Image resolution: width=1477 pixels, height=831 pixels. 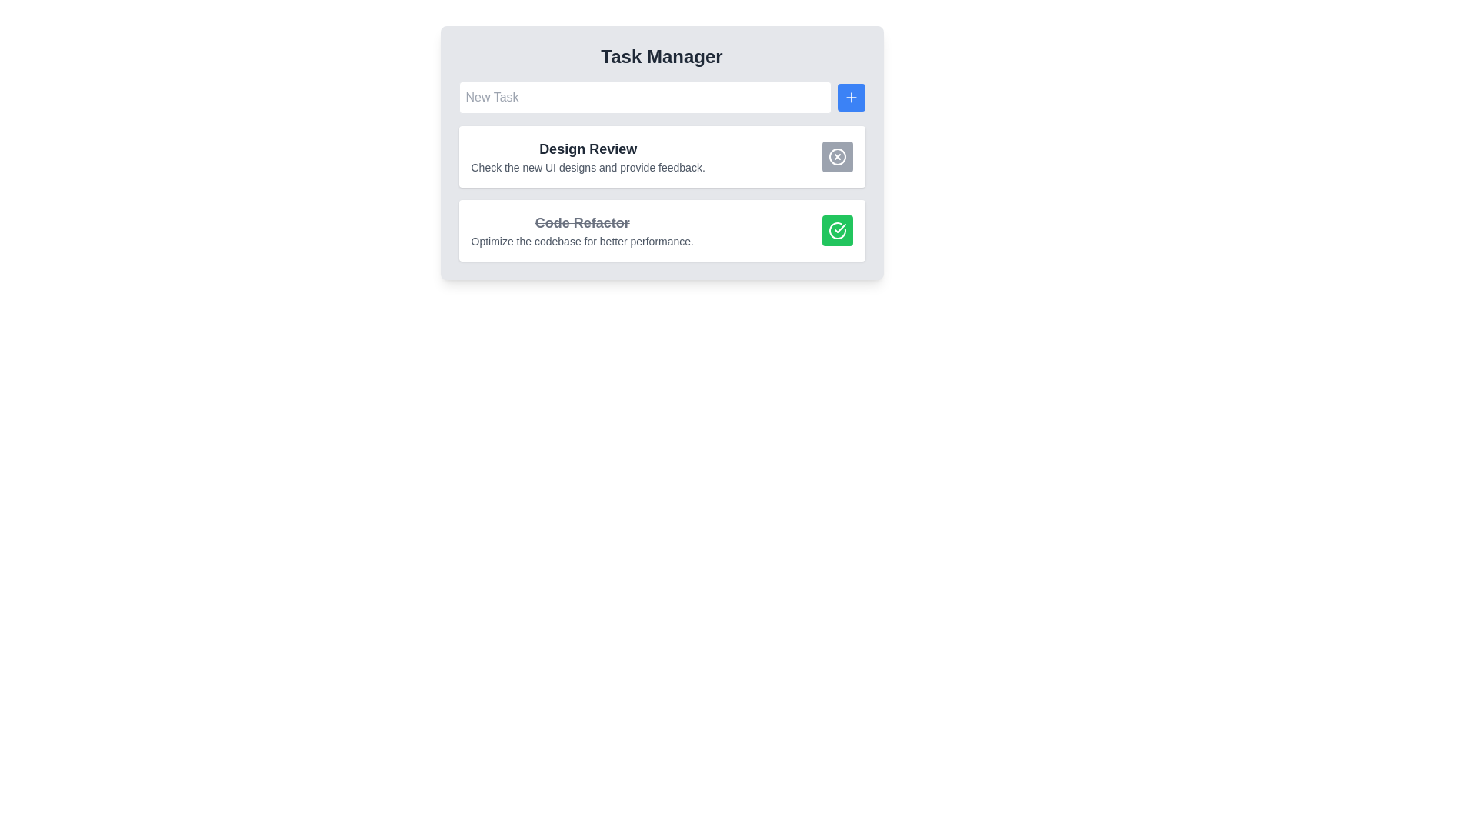 I want to click on the green-rounded button icon indicating confirmation or successful action, located to the right of the 'Code Refactor' text in the task list interface, so click(x=836, y=231).